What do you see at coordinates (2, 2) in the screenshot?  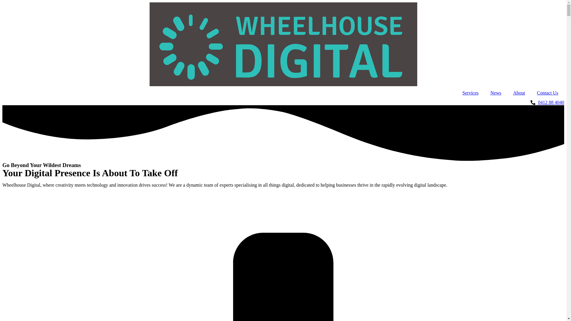 I see `'Skip to content'` at bounding box center [2, 2].